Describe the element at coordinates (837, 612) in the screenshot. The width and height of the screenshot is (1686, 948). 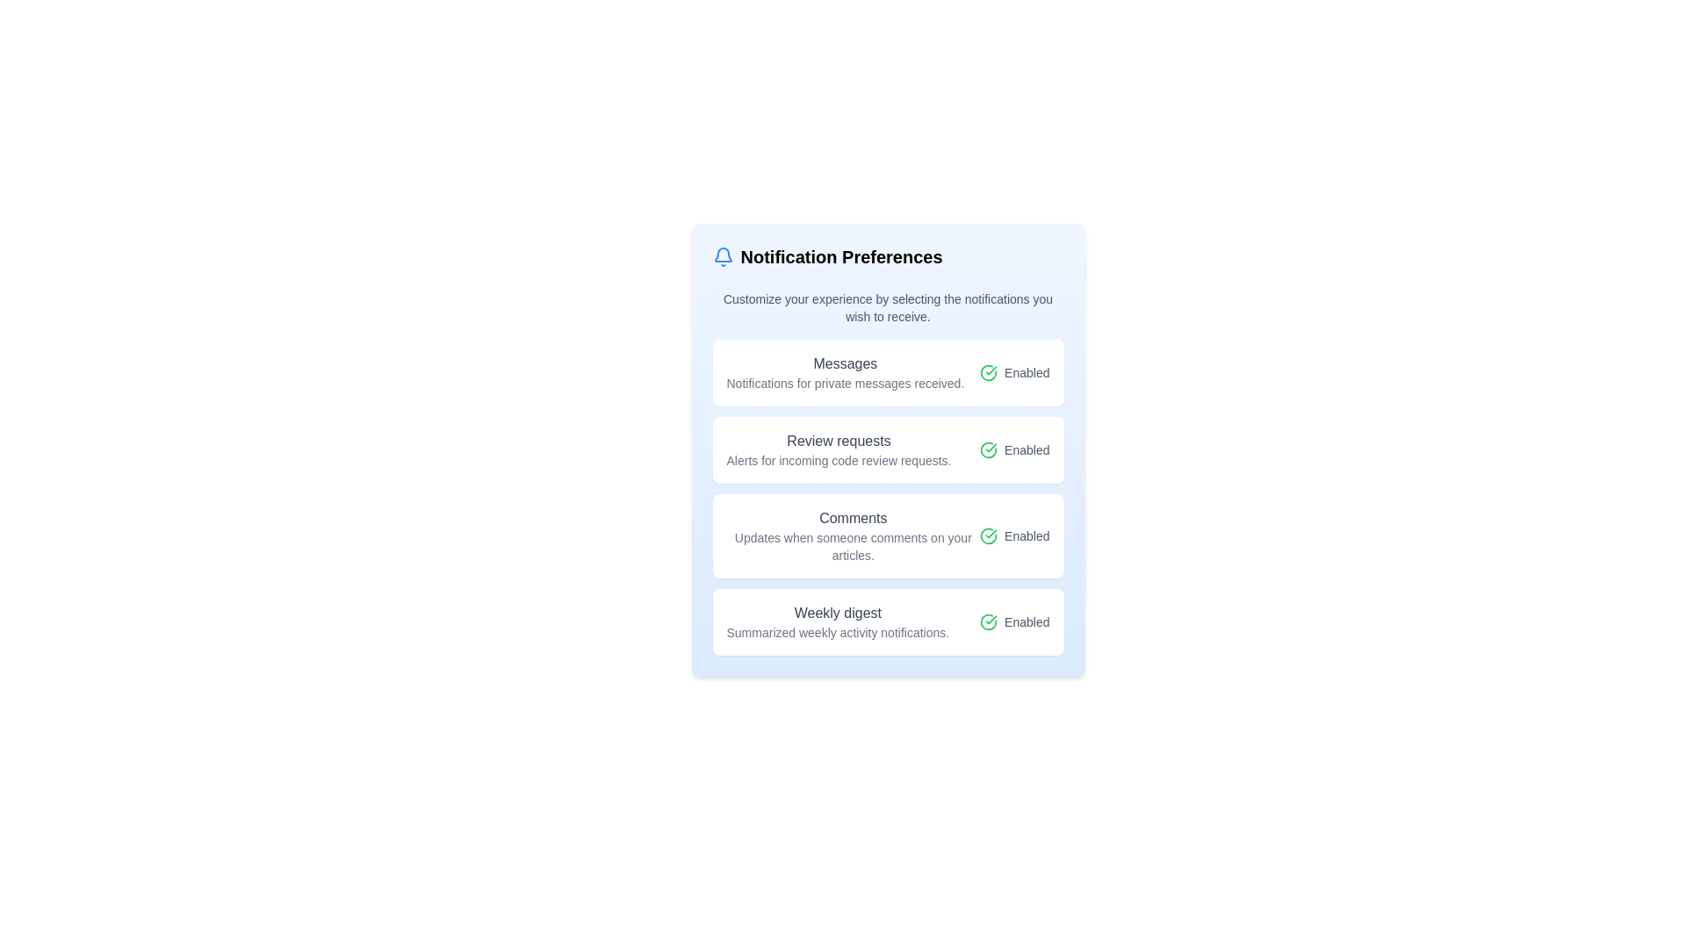
I see `the label for weekly summaries located below the 'Comments' section and above the descriptive text for 'Summarized weekly activity notifications'` at that location.